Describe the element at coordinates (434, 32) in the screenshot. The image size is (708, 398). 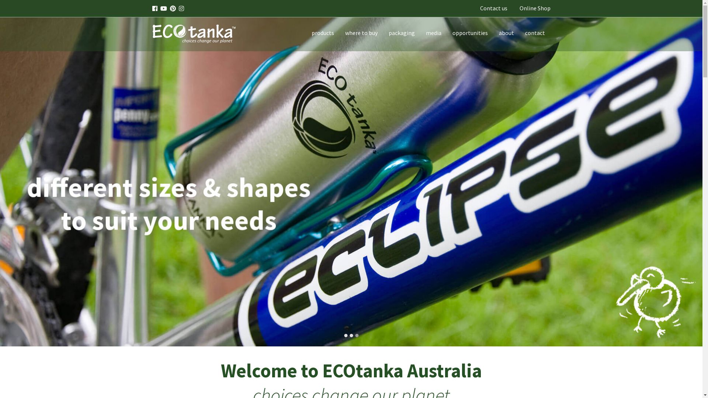
I see `'media'` at that location.